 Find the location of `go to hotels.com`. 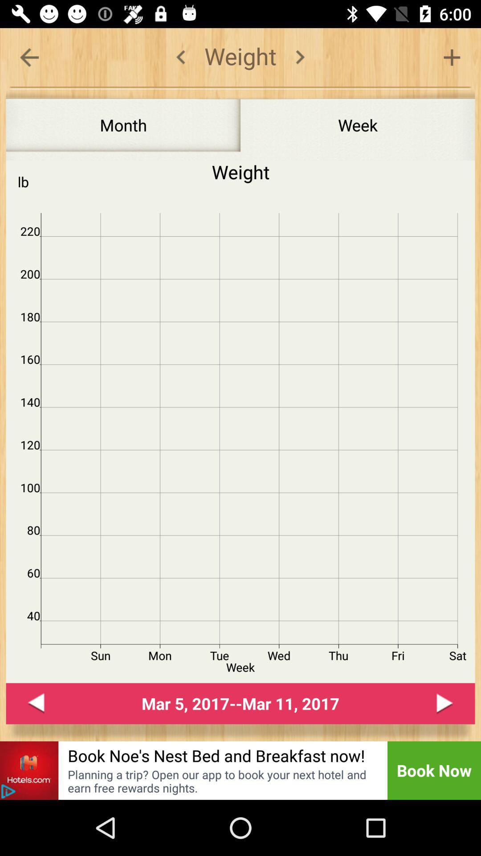

go to hotels.com is located at coordinates (29, 770).